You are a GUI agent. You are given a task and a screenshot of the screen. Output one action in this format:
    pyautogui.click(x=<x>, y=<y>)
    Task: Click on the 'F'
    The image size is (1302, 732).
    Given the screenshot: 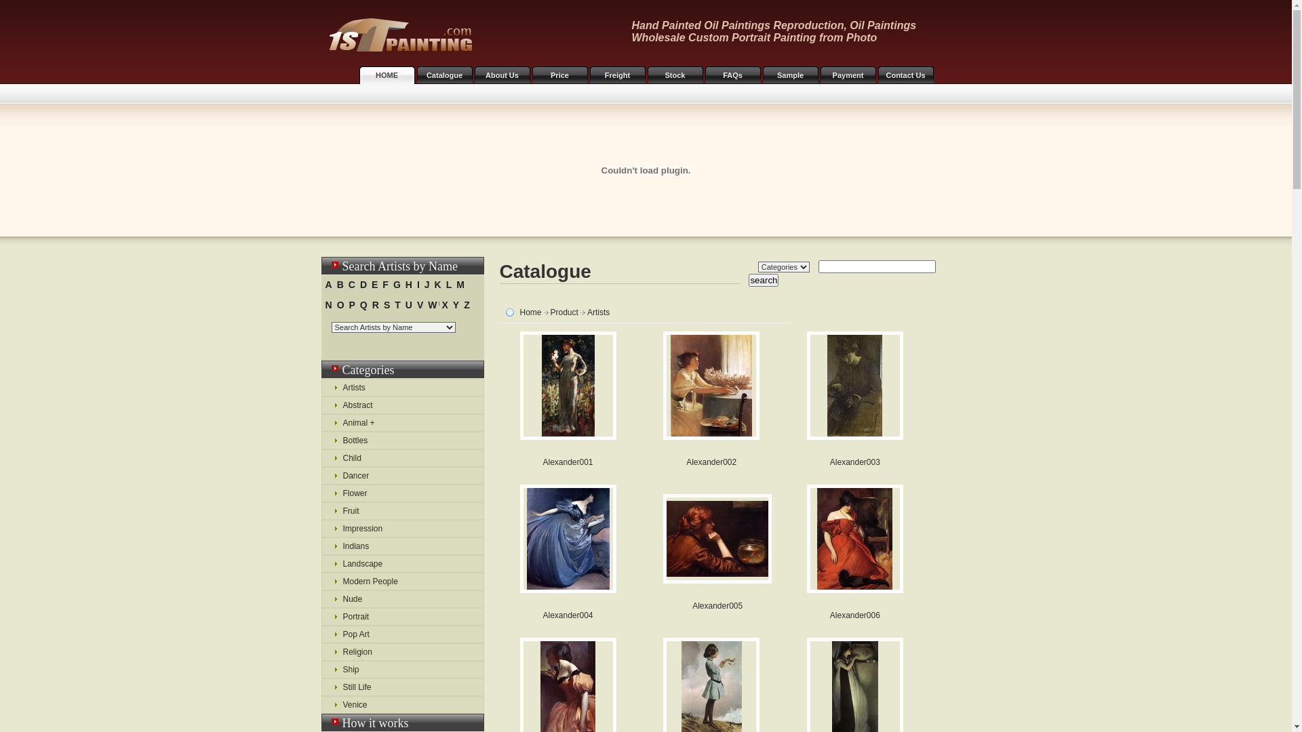 What is the action you would take?
    pyautogui.click(x=384, y=284)
    